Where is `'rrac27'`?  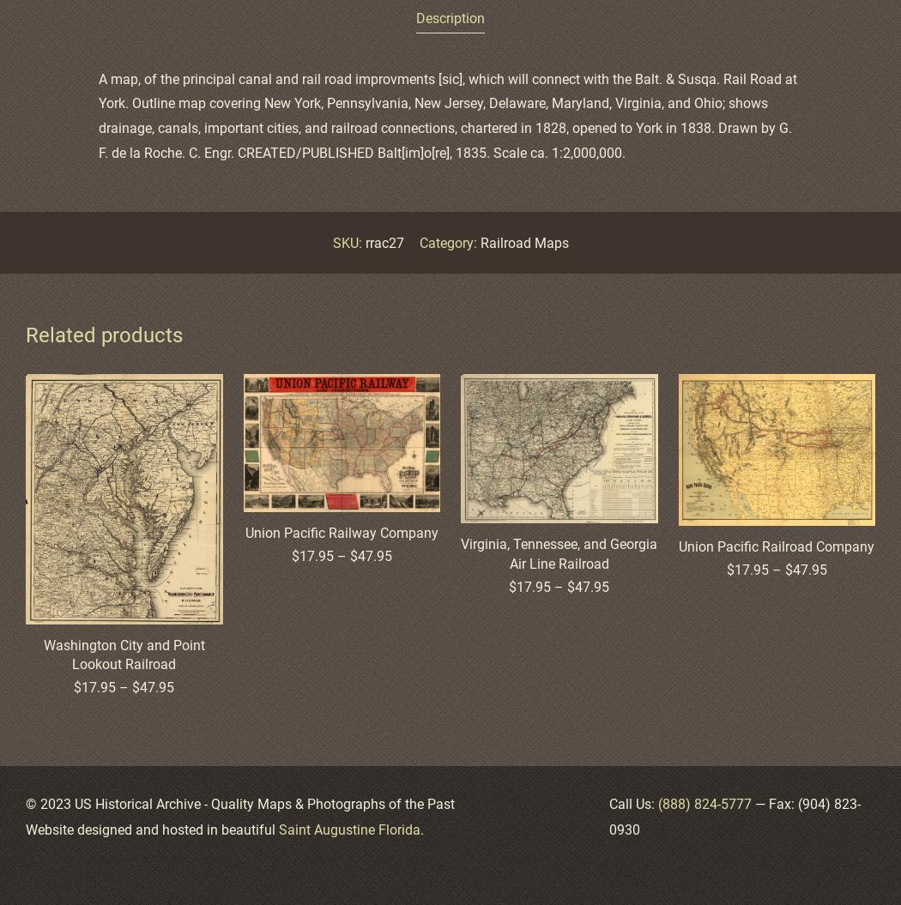
'rrac27' is located at coordinates (383, 242).